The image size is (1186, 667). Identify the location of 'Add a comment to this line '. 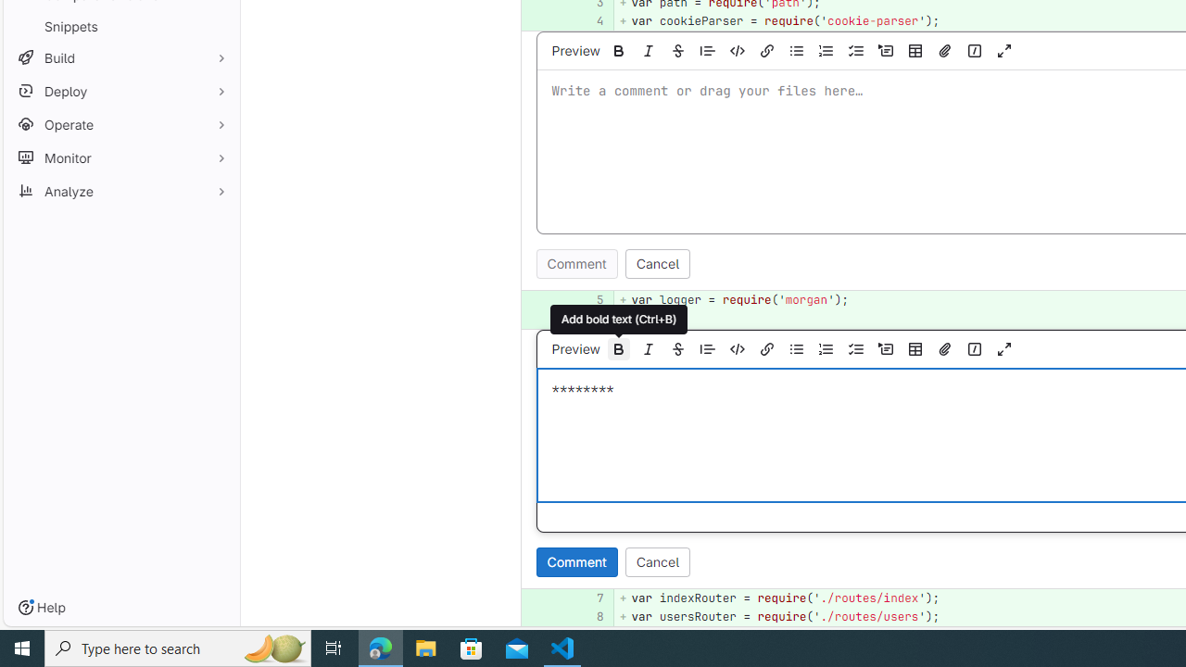
(543, 617).